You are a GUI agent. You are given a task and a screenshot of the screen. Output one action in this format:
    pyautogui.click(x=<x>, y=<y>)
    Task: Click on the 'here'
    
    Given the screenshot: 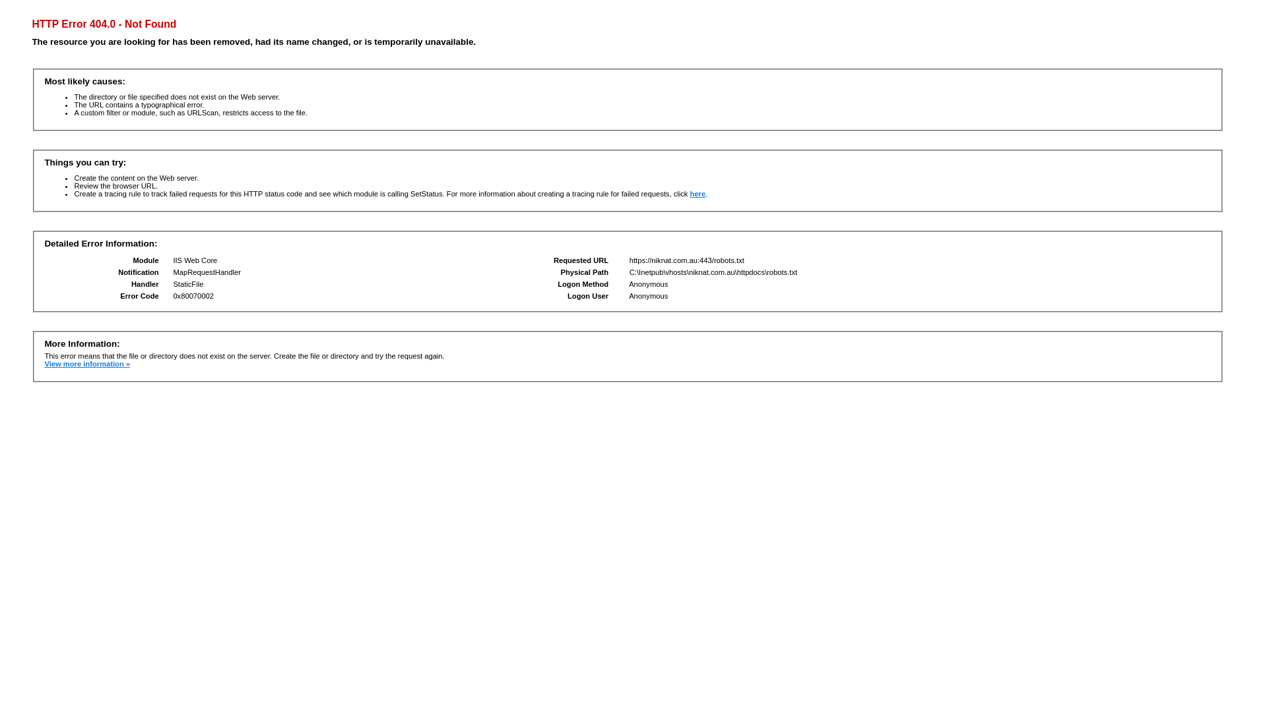 What is the action you would take?
    pyautogui.click(x=690, y=193)
    